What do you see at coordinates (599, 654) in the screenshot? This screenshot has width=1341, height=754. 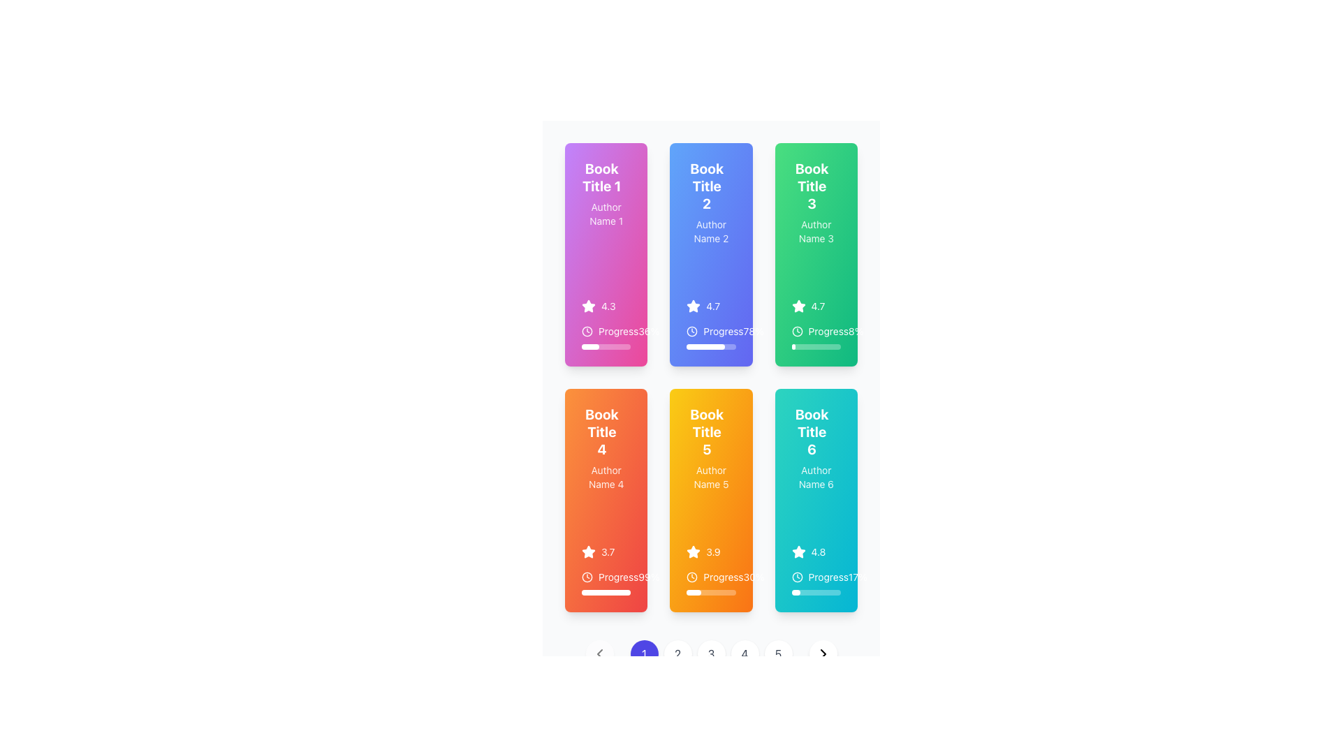 I see `the back navigation icon located in the bottom navigation section` at bounding box center [599, 654].